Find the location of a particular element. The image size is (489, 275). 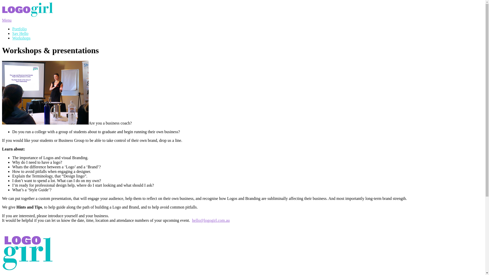

'Say Hello' is located at coordinates (12, 33).